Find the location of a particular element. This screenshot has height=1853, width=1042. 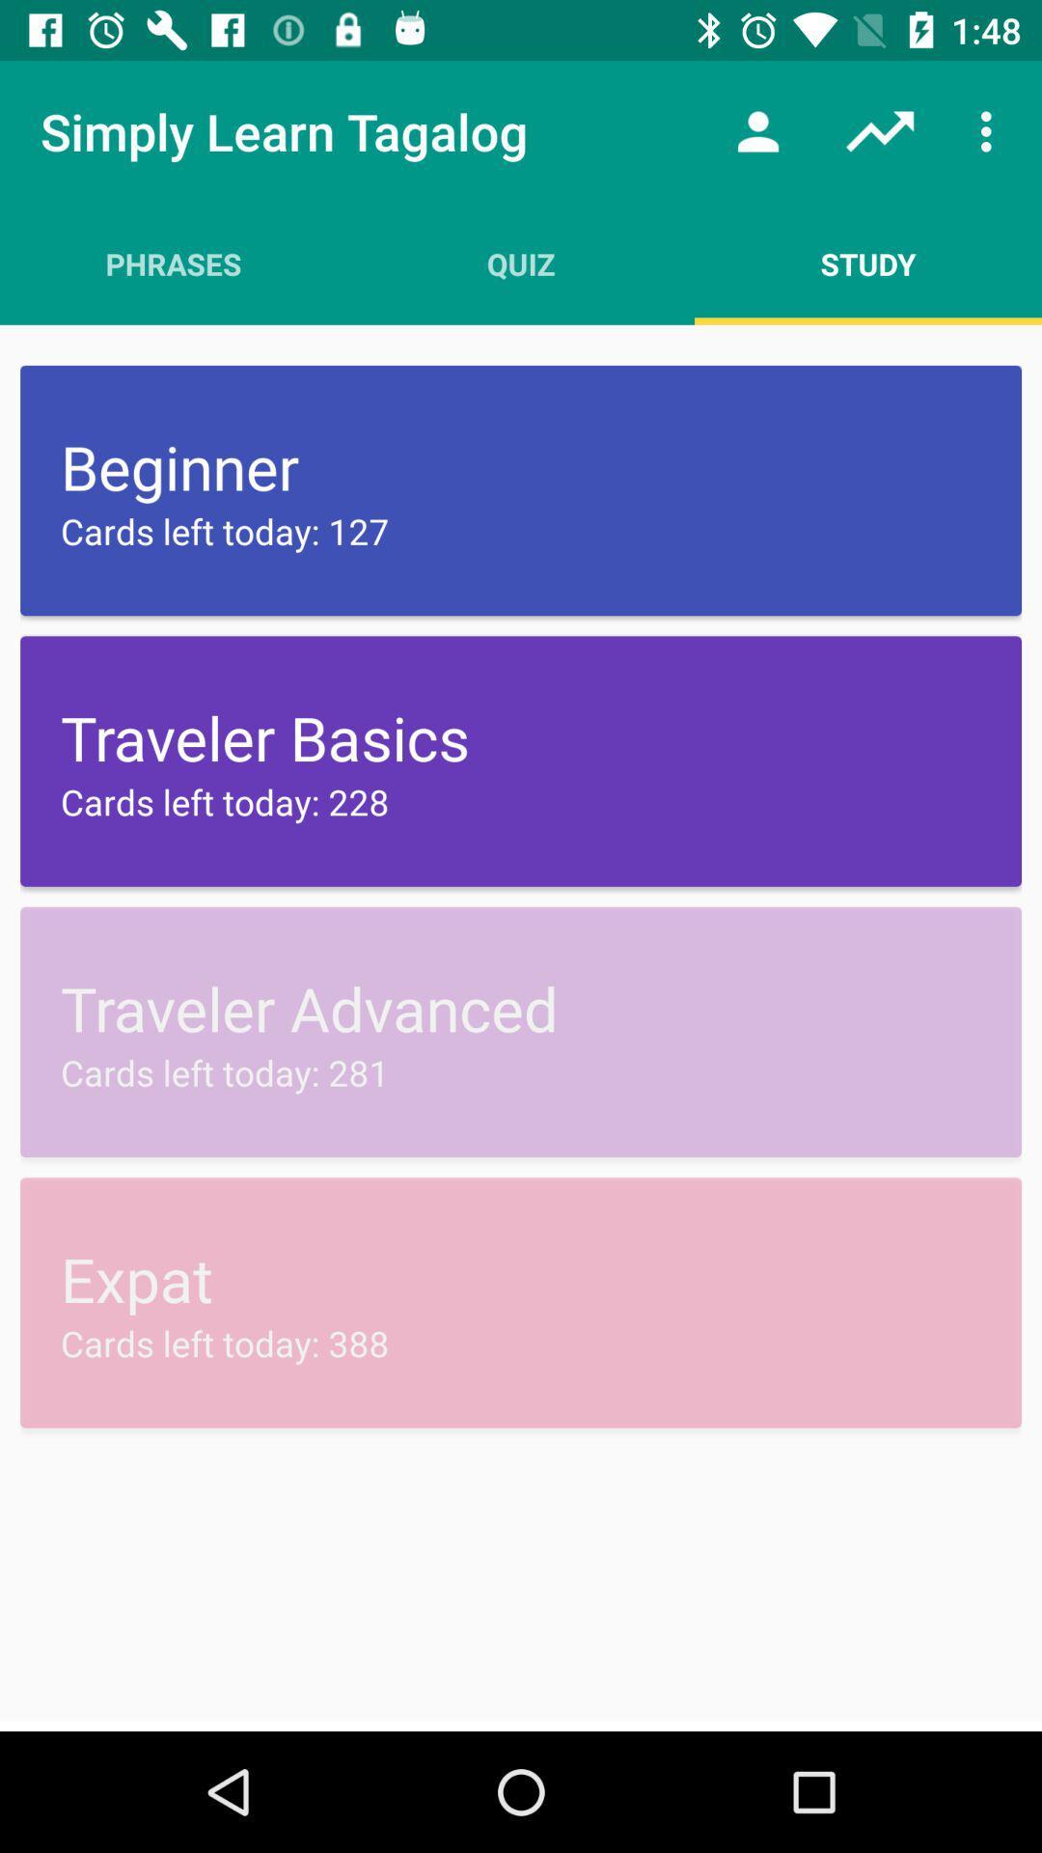

item next to phrases icon is located at coordinates (521, 263).